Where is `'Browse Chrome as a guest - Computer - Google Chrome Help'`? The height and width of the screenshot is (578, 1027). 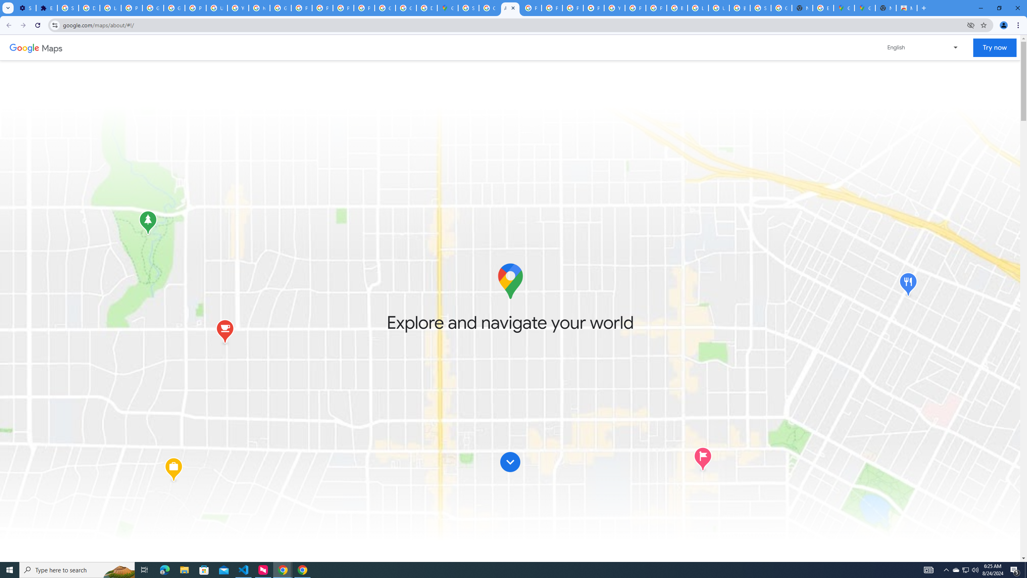
'Browse Chrome as a guest - Computer - Google Chrome Help' is located at coordinates (677, 8).